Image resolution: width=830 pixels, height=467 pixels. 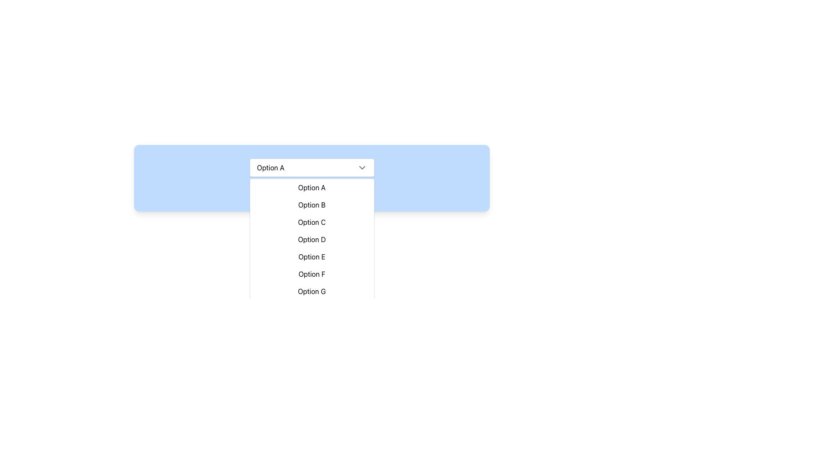 I want to click on the dropdown option labeled 'Option B', so click(x=311, y=205).